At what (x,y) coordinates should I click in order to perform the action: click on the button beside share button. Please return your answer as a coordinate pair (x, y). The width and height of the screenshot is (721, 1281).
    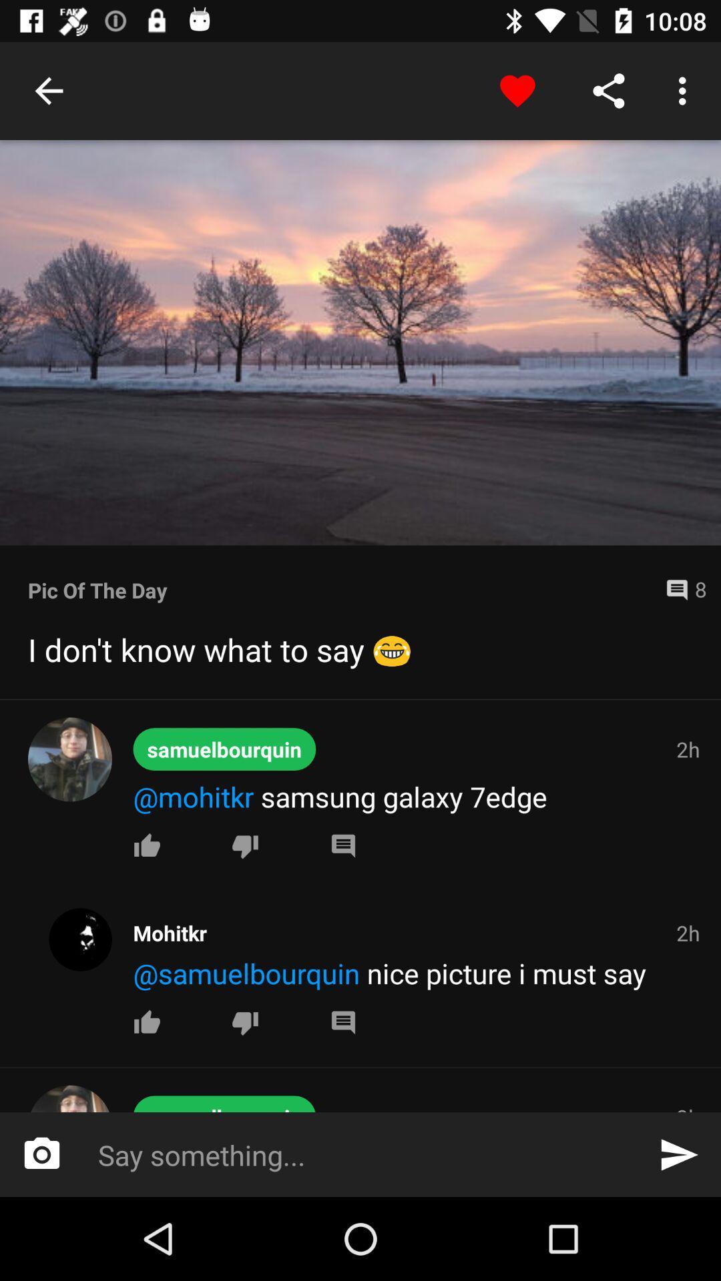
    Looking at the image, I should click on (686, 91).